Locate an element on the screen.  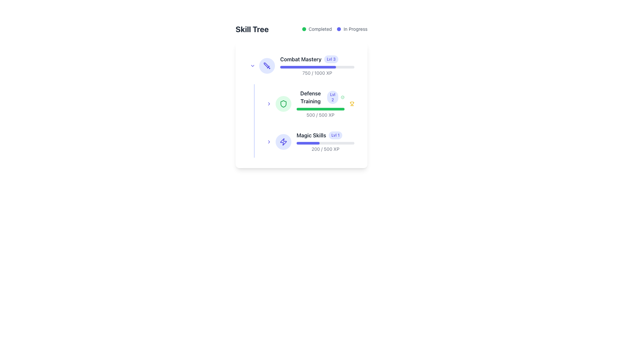
the 'Defense Training' skill name in the skillset list is located at coordinates (301, 103).